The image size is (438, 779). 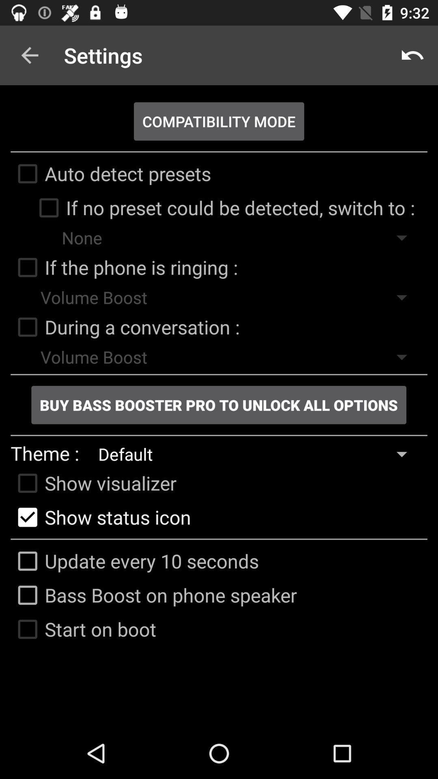 What do you see at coordinates (219, 121) in the screenshot?
I see `compatibility mode` at bounding box center [219, 121].